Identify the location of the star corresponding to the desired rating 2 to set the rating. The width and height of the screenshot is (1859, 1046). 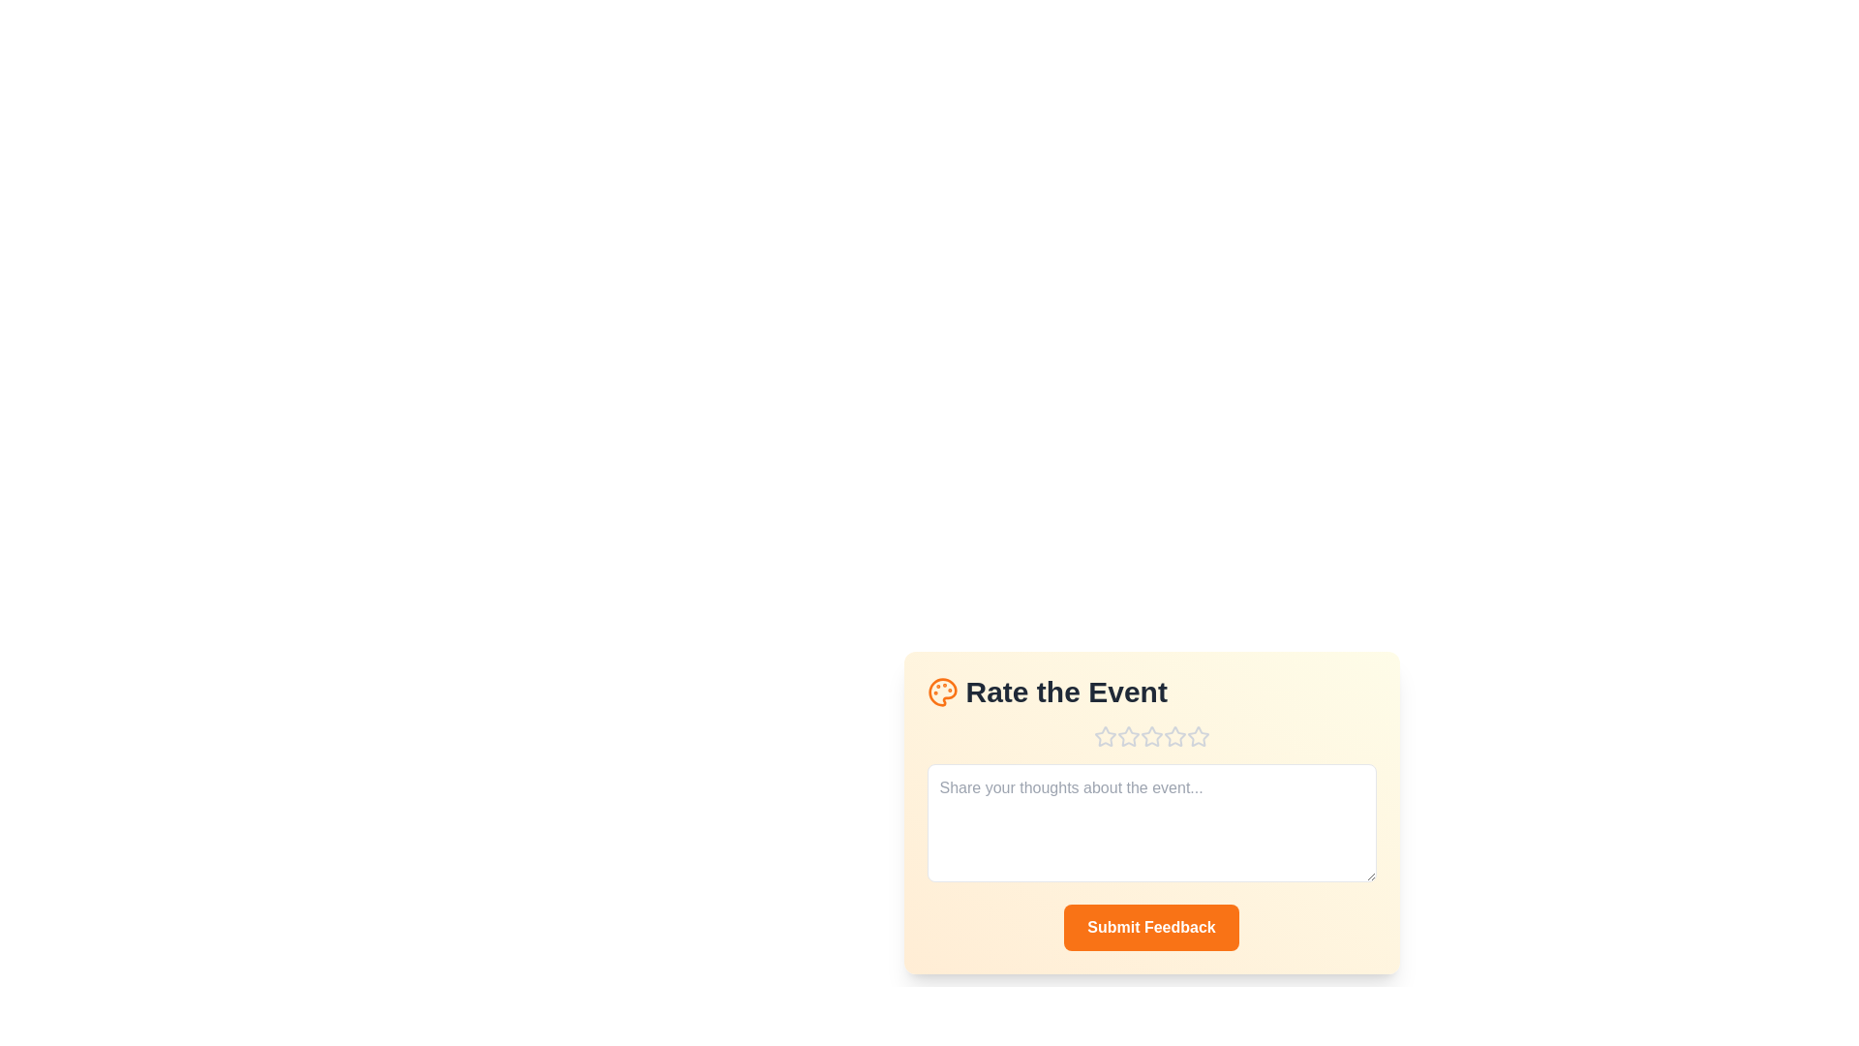
(1128, 736).